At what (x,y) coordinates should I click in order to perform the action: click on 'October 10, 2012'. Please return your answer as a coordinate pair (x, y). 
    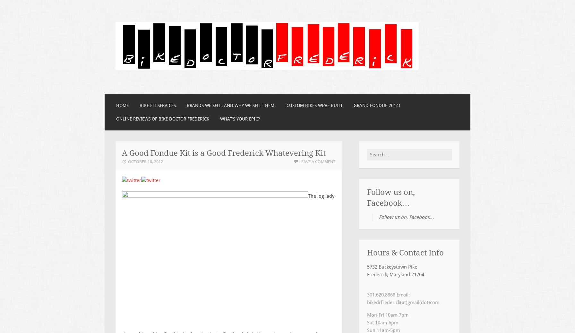
    Looking at the image, I should click on (128, 161).